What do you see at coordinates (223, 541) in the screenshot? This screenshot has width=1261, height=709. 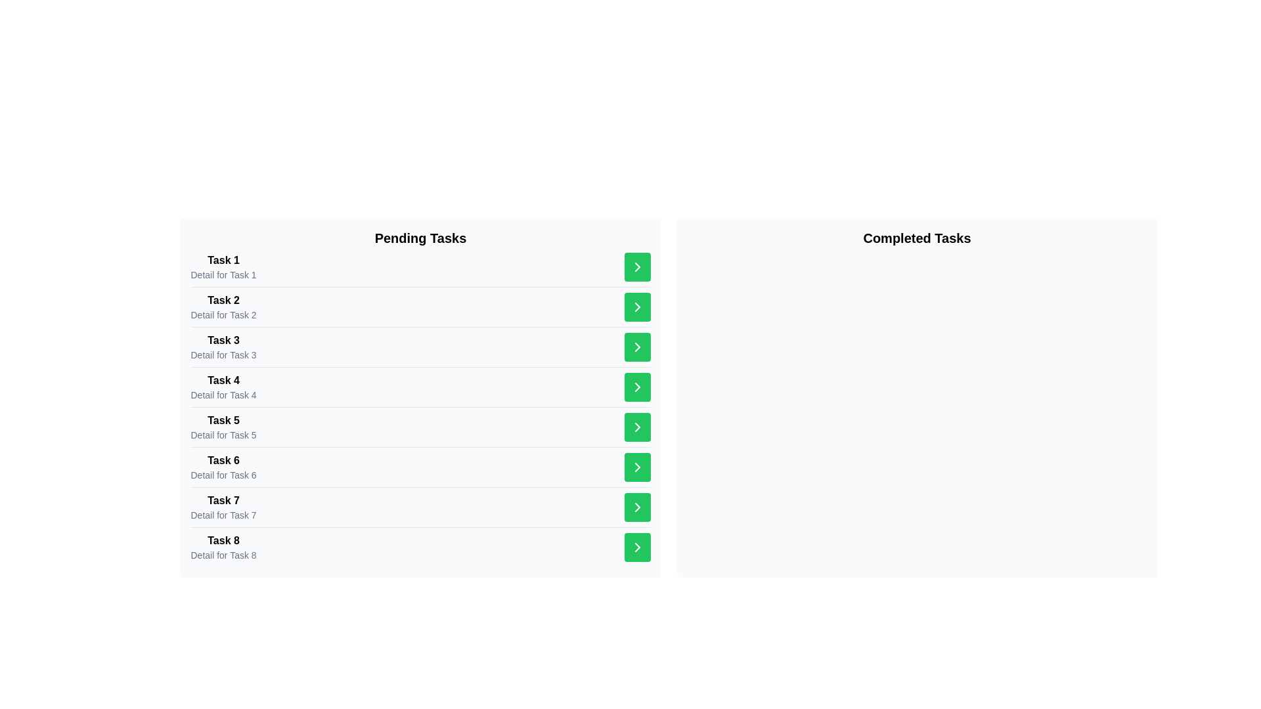 I see `the title text element in the 'Pending Tasks' section, which is the eighth item in a vertically stacked list` at bounding box center [223, 541].